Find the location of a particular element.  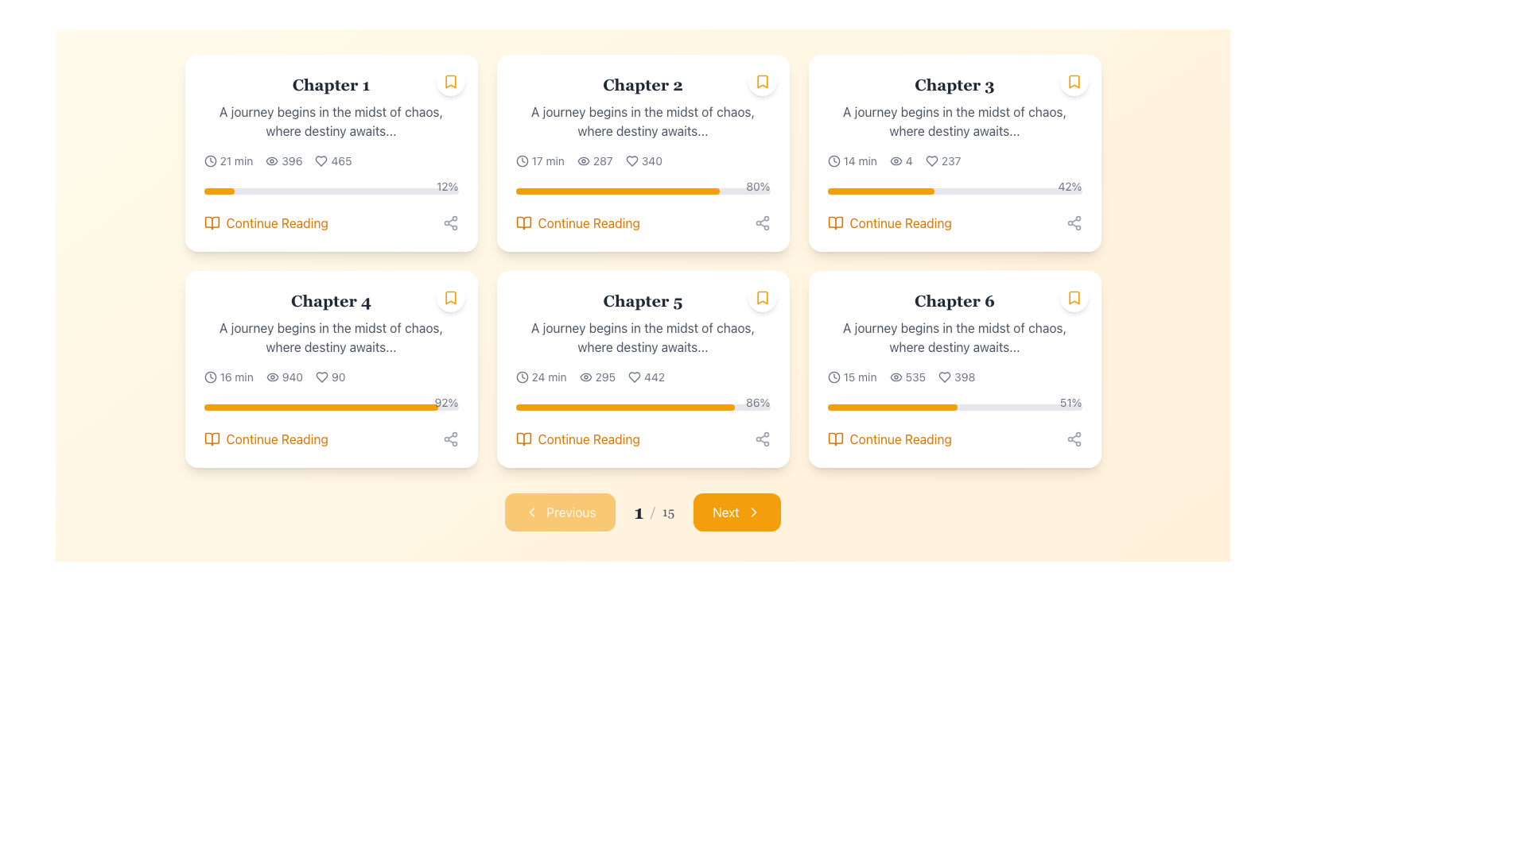

the Informative Label Set displaying a clock icon with '24 min', an eye icon with '295', and a heart icon with '442' is located at coordinates (643, 377).